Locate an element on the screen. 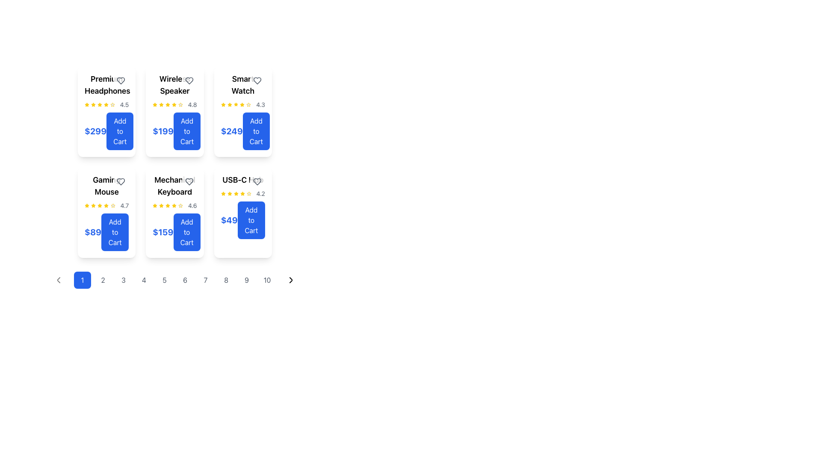 Image resolution: width=821 pixels, height=462 pixels. the first star-shaped icon with a yellow fill and a black outline, part of the rating for the 'Mechanical Keyboard' item card in the second row of product cards is located at coordinates (155, 206).